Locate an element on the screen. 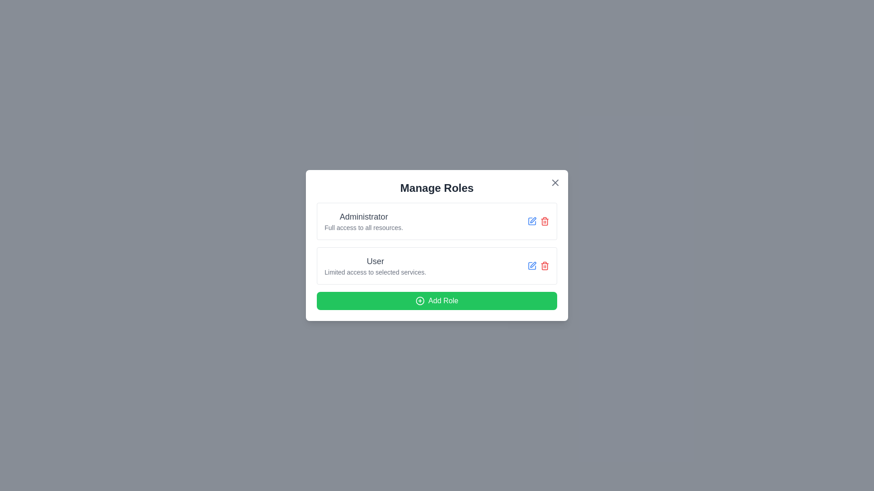 The width and height of the screenshot is (874, 491). the 'User' text display element that shows 'User' in bold and 'Limited access to selected services.' in a smaller font within the 'Manage Roles' dialog is located at coordinates (375, 266).